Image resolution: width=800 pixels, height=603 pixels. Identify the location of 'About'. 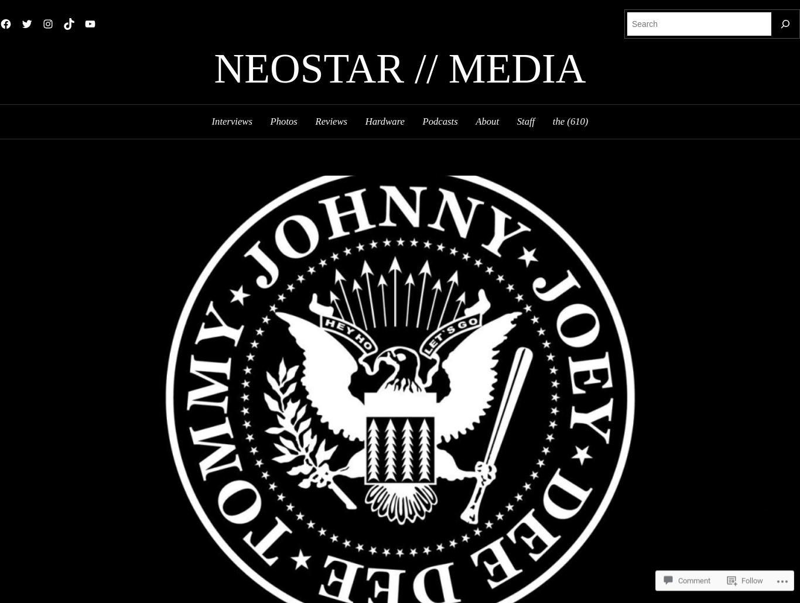
(474, 121).